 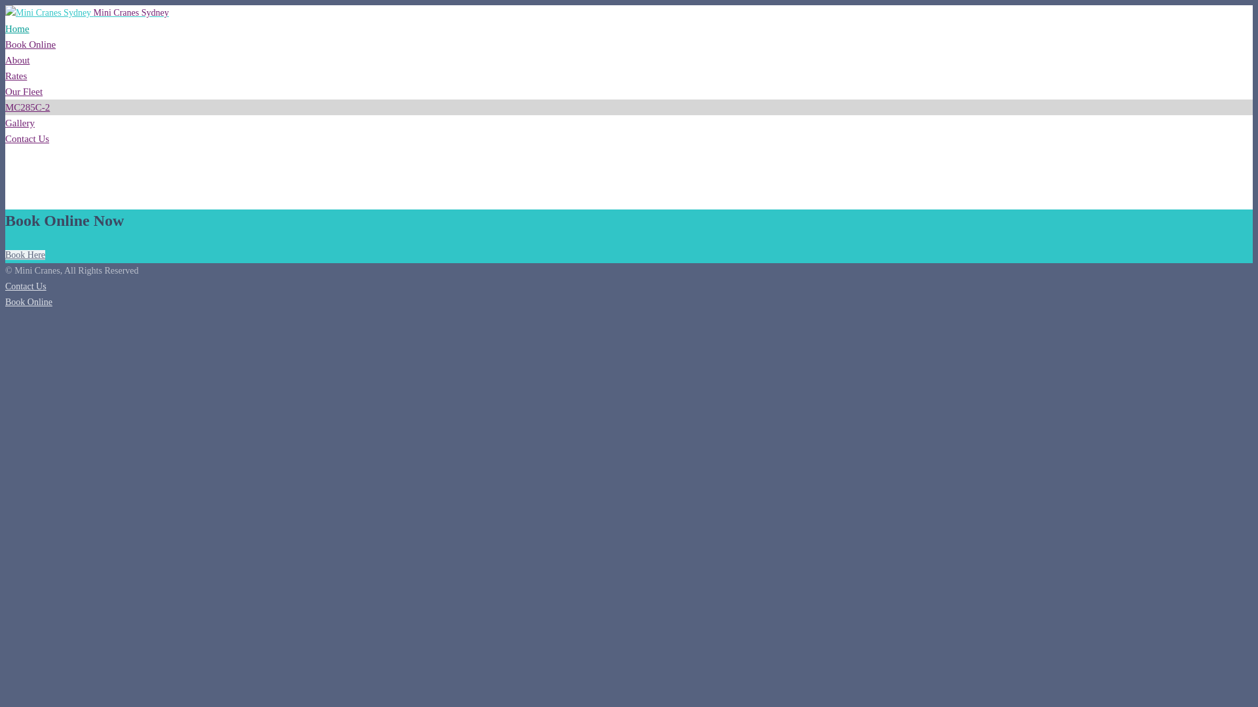 What do you see at coordinates (24, 90) in the screenshot?
I see `'Our Fleet'` at bounding box center [24, 90].